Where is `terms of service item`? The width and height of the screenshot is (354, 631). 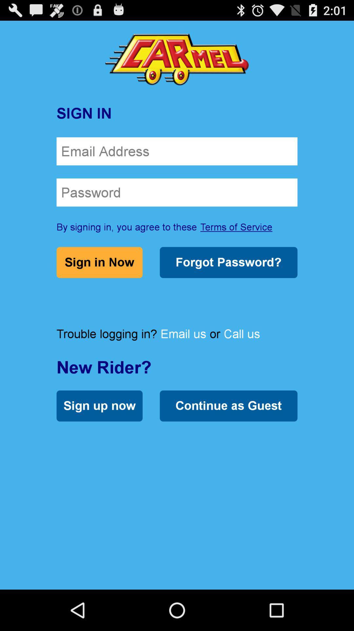
terms of service item is located at coordinates (236, 227).